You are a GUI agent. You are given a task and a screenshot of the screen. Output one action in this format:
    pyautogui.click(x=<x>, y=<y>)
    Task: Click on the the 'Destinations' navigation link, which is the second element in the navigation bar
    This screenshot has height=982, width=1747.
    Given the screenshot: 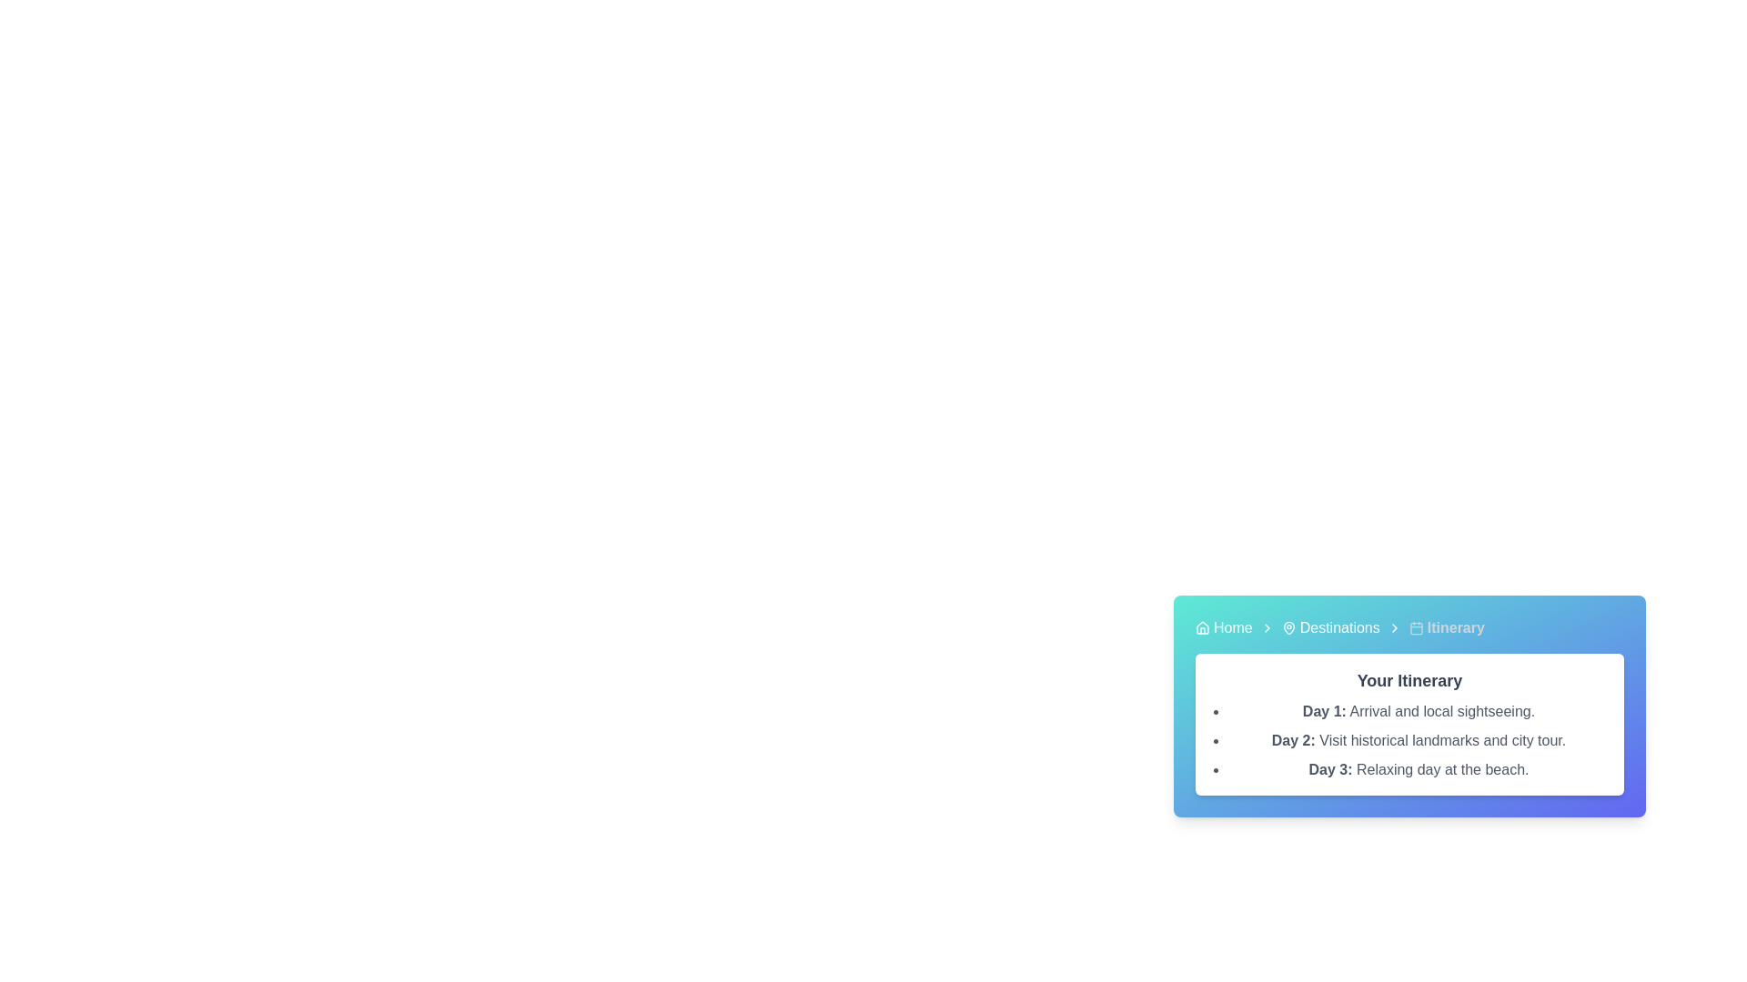 What is the action you would take?
    pyautogui.click(x=1330, y=626)
    